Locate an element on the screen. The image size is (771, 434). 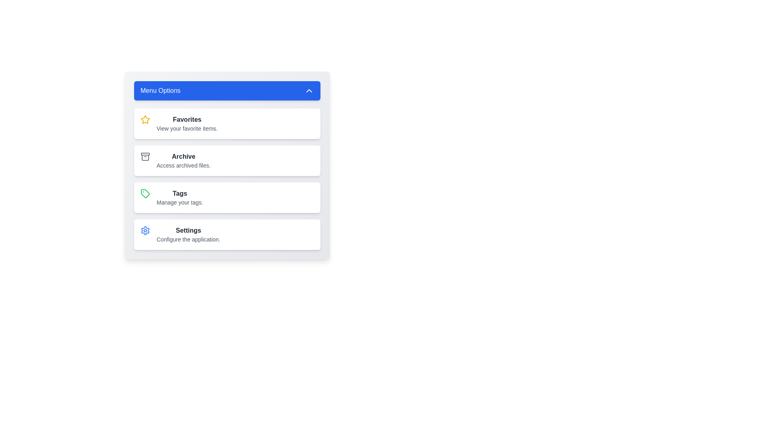
the icon button located in the top right corner of the 'Menu Options' header area is located at coordinates (308, 90).